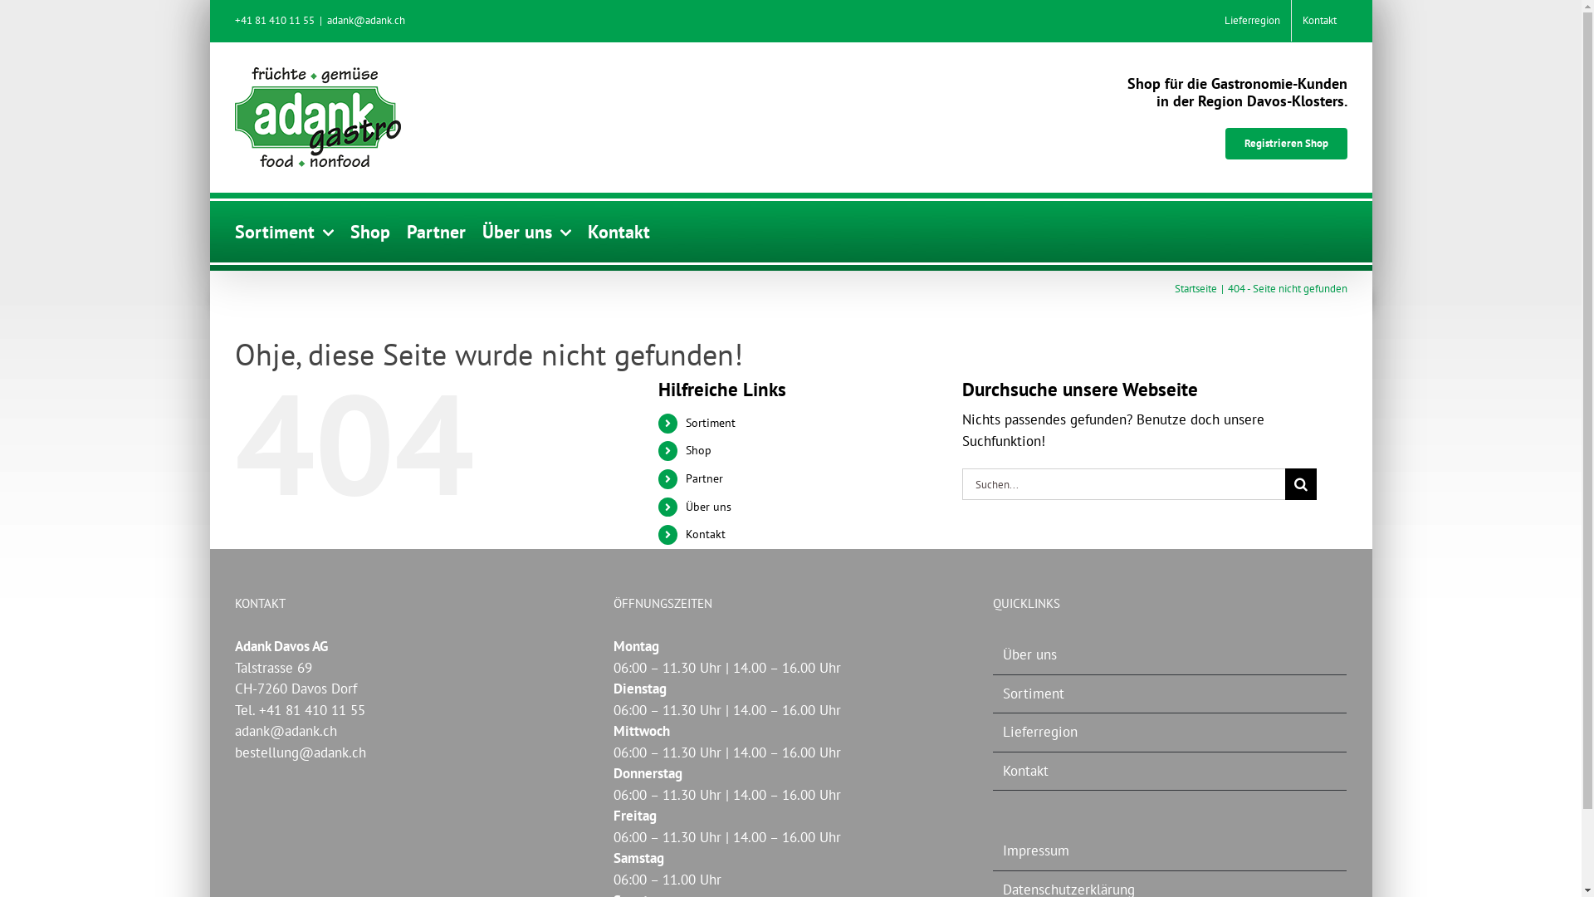 This screenshot has width=1594, height=897. I want to click on 'Impressum', so click(1170, 851).